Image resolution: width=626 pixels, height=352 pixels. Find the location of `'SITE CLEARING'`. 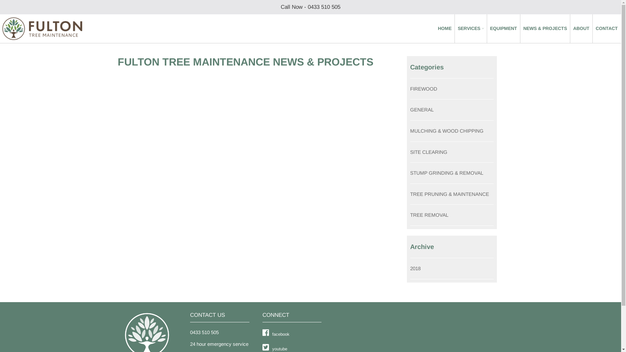

'SITE CLEARING' is located at coordinates (429, 152).